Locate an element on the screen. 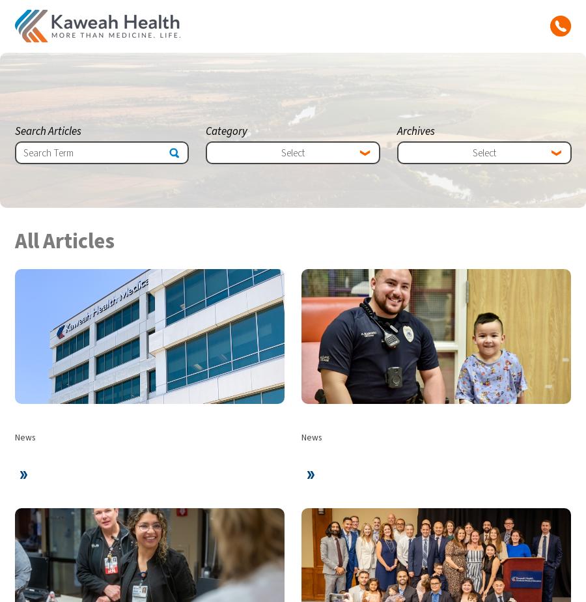 Image resolution: width=586 pixels, height=602 pixels. '1' is located at coordinates (509, 288).